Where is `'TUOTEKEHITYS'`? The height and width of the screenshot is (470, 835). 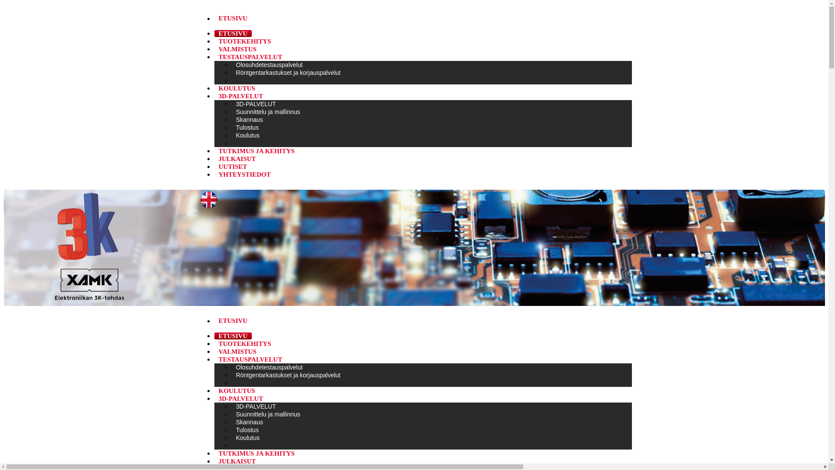 'TUOTEKEHITYS' is located at coordinates (244, 343).